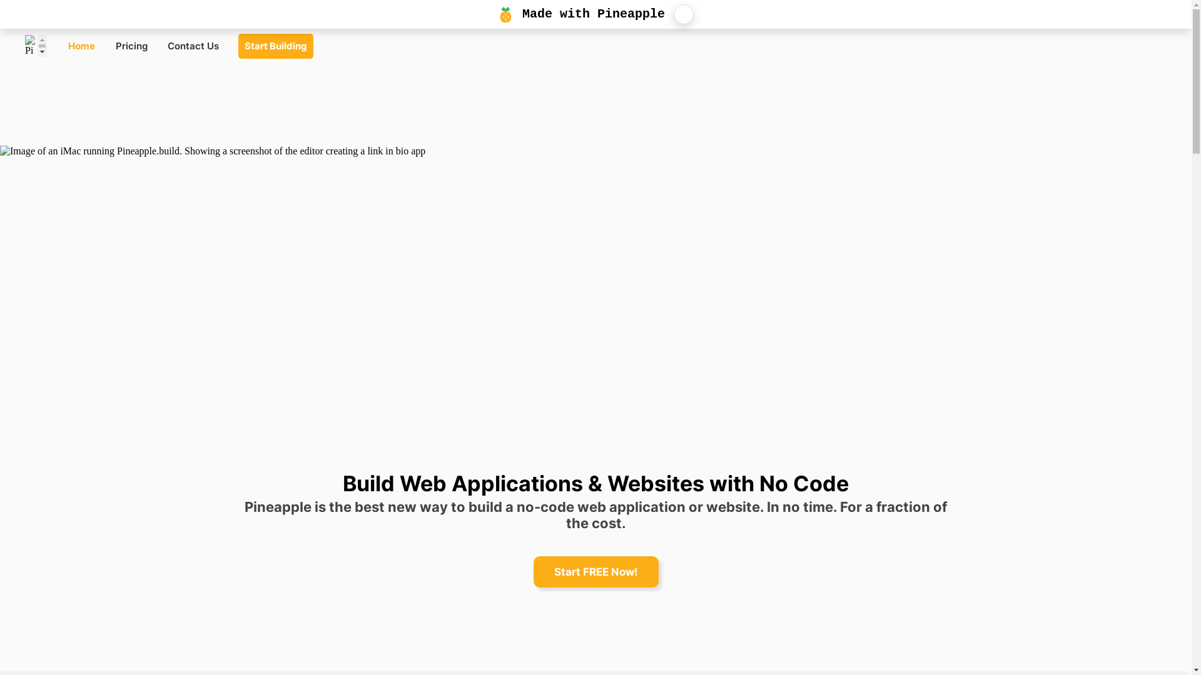  Describe the element at coordinates (131, 45) in the screenshot. I see `'Pricing'` at that location.